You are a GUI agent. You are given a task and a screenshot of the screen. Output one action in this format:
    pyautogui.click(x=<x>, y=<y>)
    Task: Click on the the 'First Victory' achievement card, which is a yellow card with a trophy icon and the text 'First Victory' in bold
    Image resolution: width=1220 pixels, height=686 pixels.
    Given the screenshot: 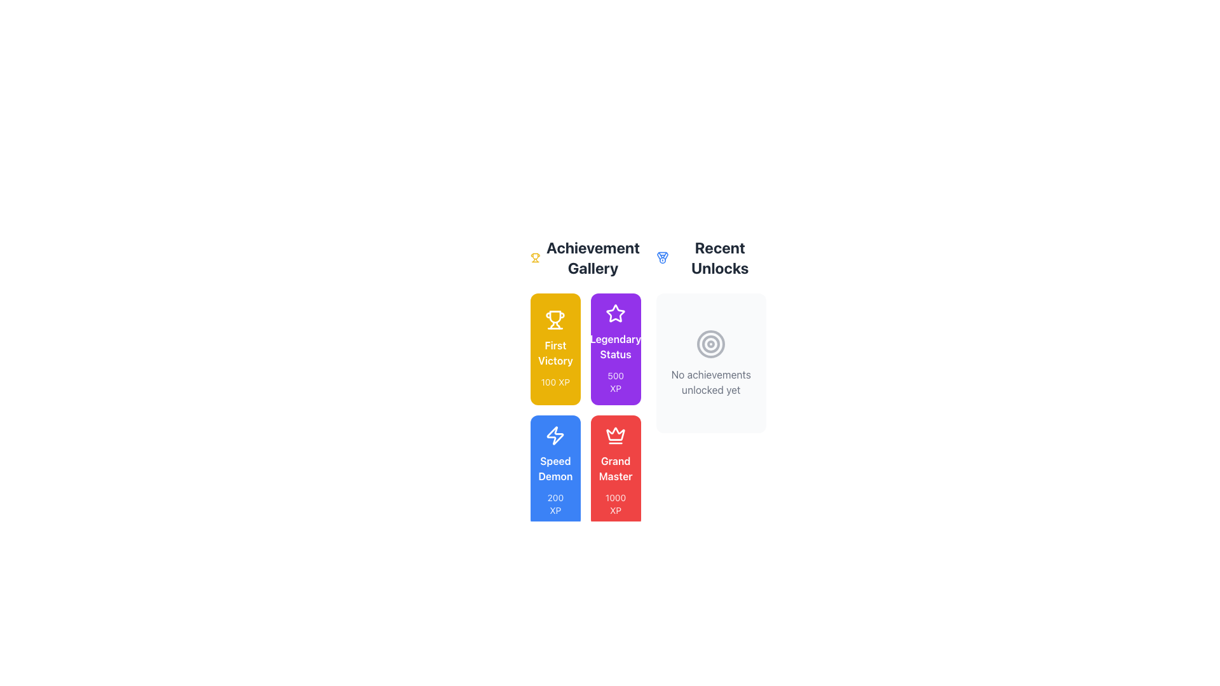 What is the action you would take?
    pyautogui.click(x=555, y=349)
    